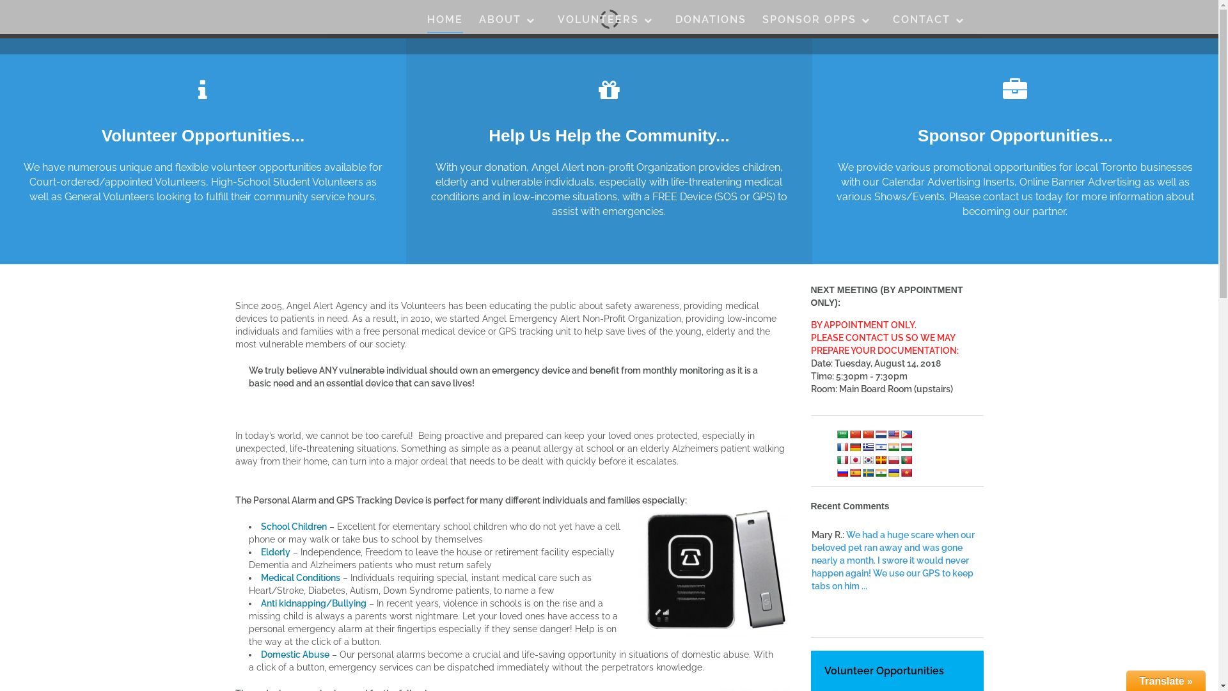 The image size is (1228, 691). What do you see at coordinates (849, 458) in the screenshot?
I see `'Japanese'` at bounding box center [849, 458].